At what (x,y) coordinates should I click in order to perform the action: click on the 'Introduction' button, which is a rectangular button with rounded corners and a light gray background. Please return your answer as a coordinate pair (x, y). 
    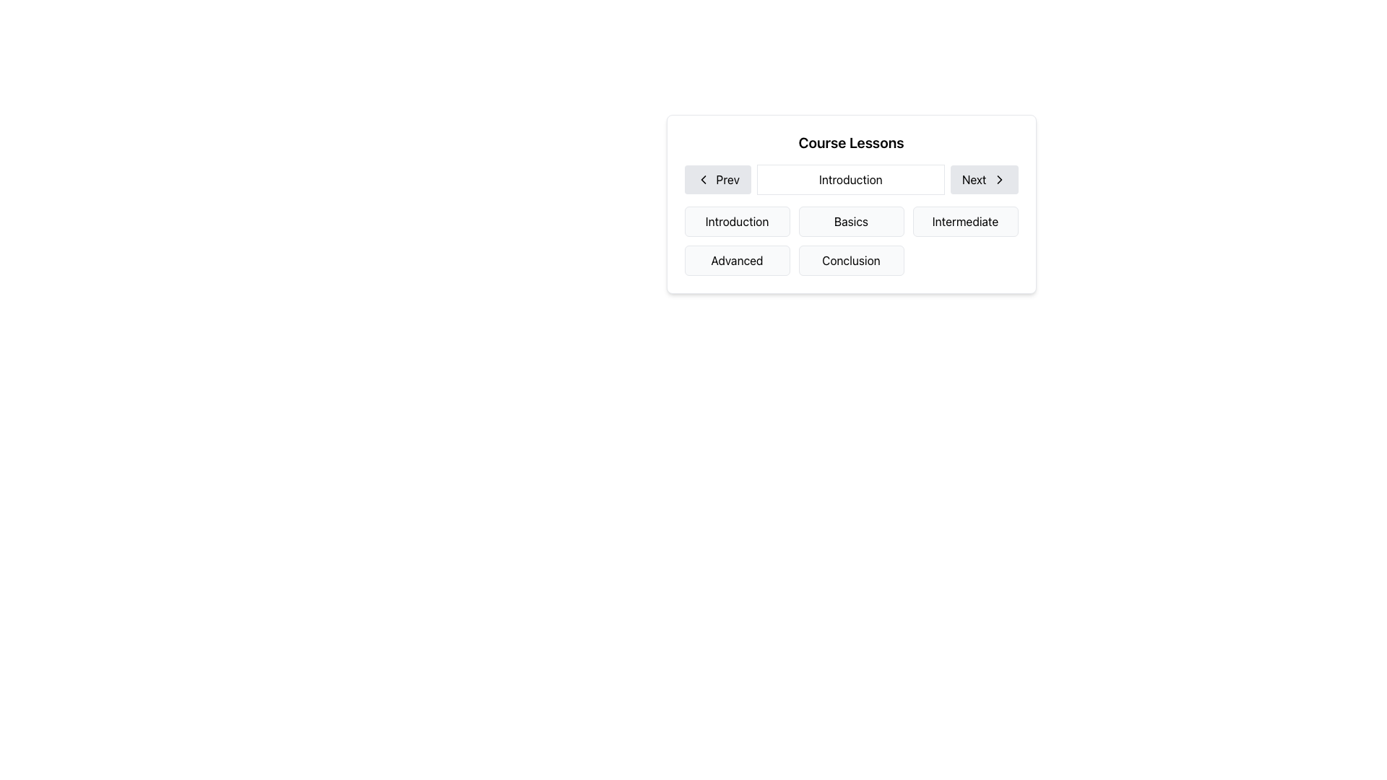
    Looking at the image, I should click on (737, 222).